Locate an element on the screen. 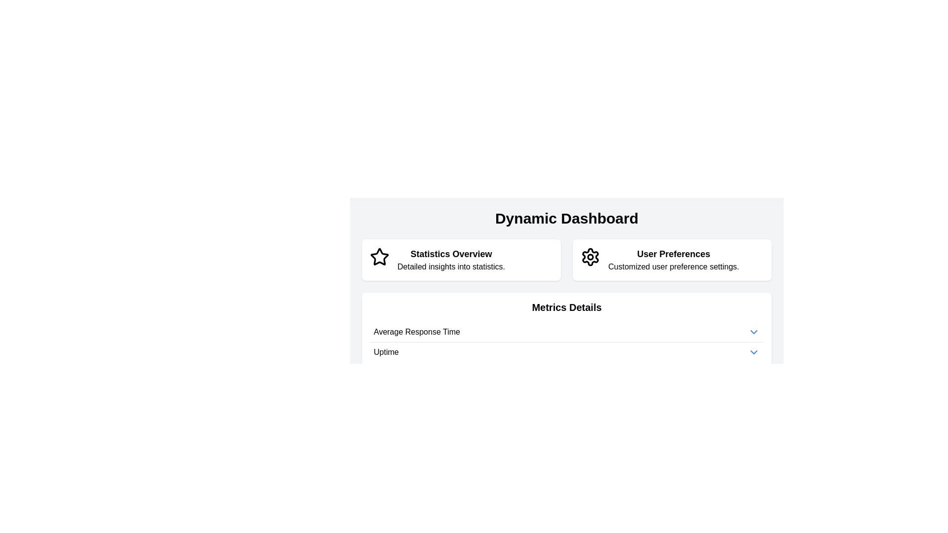  the static text label displaying 'Customized user preference settings.' located below 'User Preferences' in the right section of the Dynamic Dashboard is located at coordinates (673, 266).